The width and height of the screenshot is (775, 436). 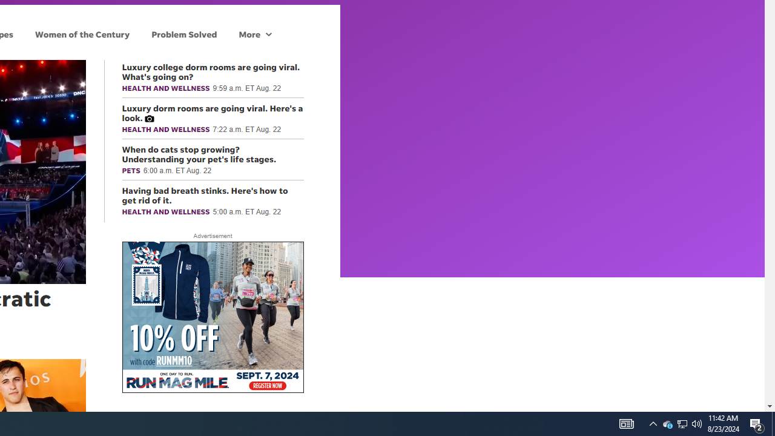 What do you see at coordinates (682, 423) in the screenshot?
I see `'User Promoted Notification Area'` at bounding box center [682, 423].